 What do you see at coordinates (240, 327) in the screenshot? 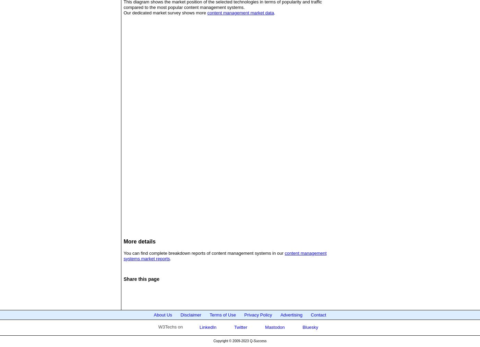
I see `'Twitter'` at bounding box center [240, 327].